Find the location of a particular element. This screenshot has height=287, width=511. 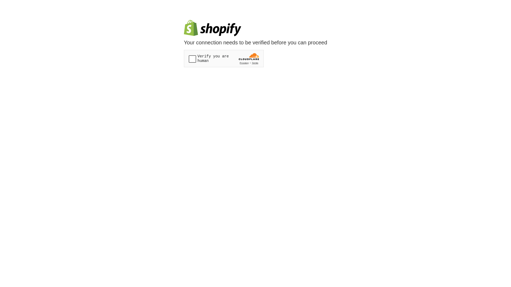

'Widget containing a Cloudflare security challenge' is located at coordinates (224, 58).